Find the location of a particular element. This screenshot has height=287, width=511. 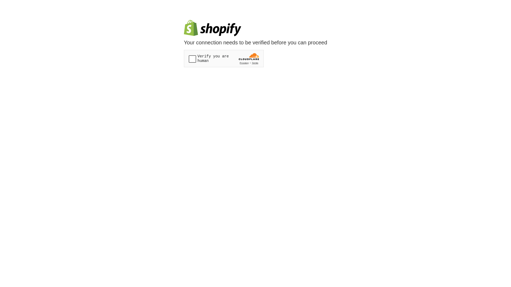

'Widget containing a Cloudflare security challenge' is located at coordinates (224, 58).